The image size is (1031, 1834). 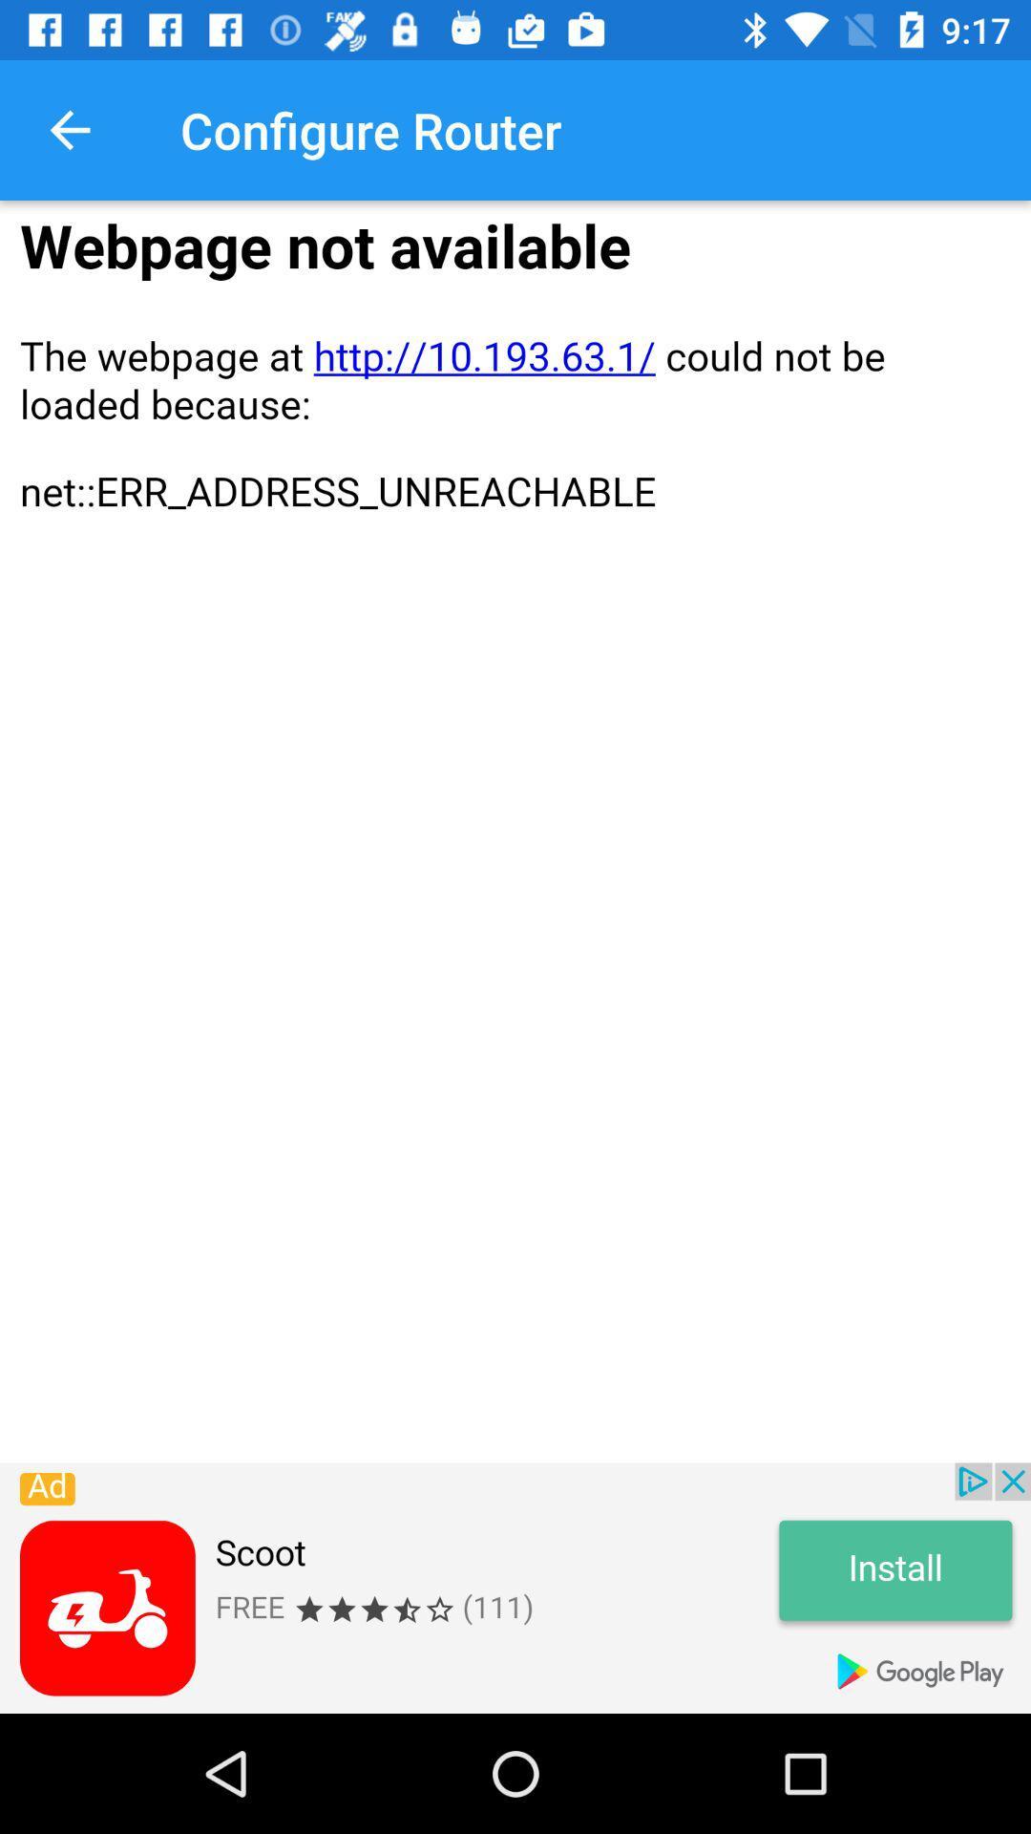 I want to click on advertisement, so click(x=515, y=1588).